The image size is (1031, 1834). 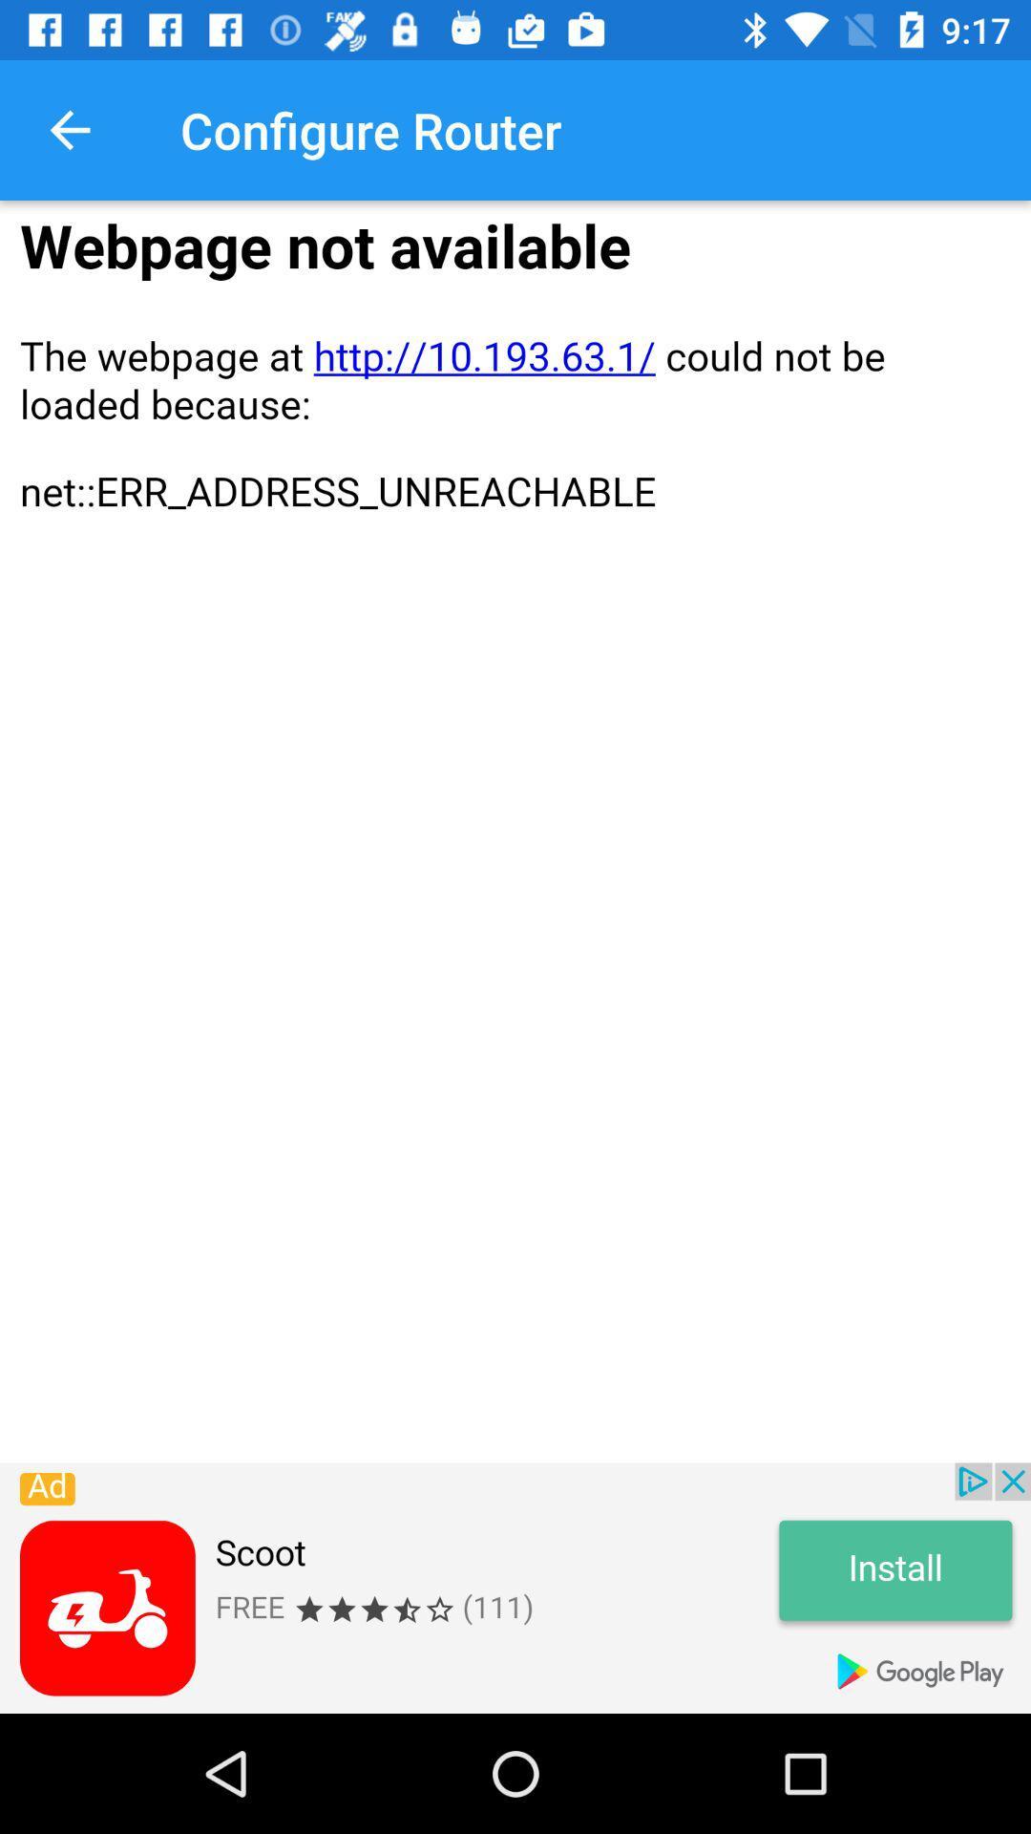 I want to click on advertisement, so click(x=515, y=1588).